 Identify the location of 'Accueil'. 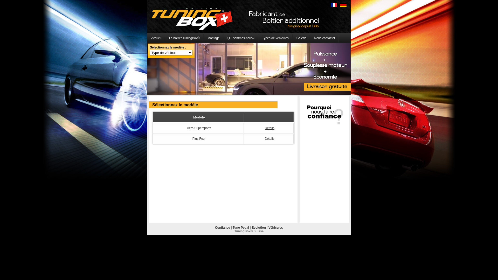
(156, 38).